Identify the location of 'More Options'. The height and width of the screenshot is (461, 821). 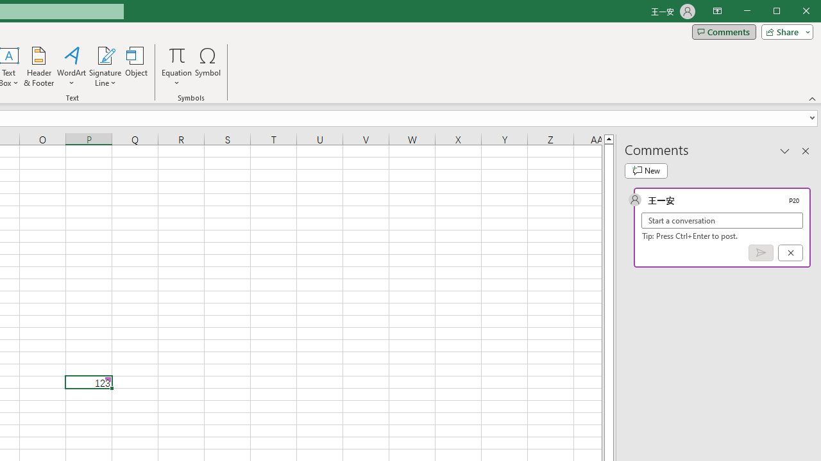
(176, 79).